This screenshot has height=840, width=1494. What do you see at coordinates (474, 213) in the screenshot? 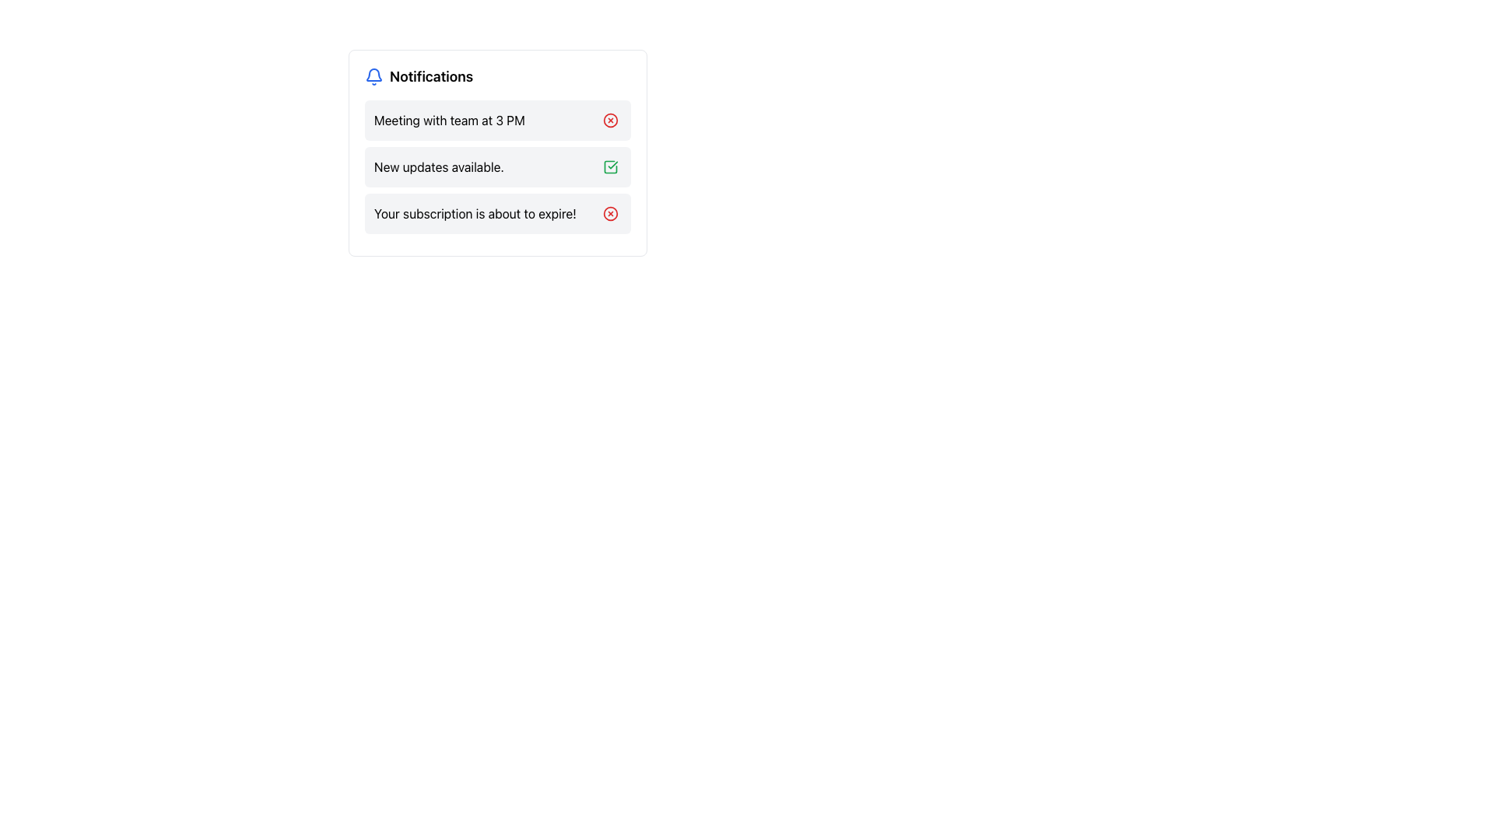
I see `informational text warning about subscription expiration located in the center of the bottom notification card, below the other notifications` at bounding box center [474, 213].